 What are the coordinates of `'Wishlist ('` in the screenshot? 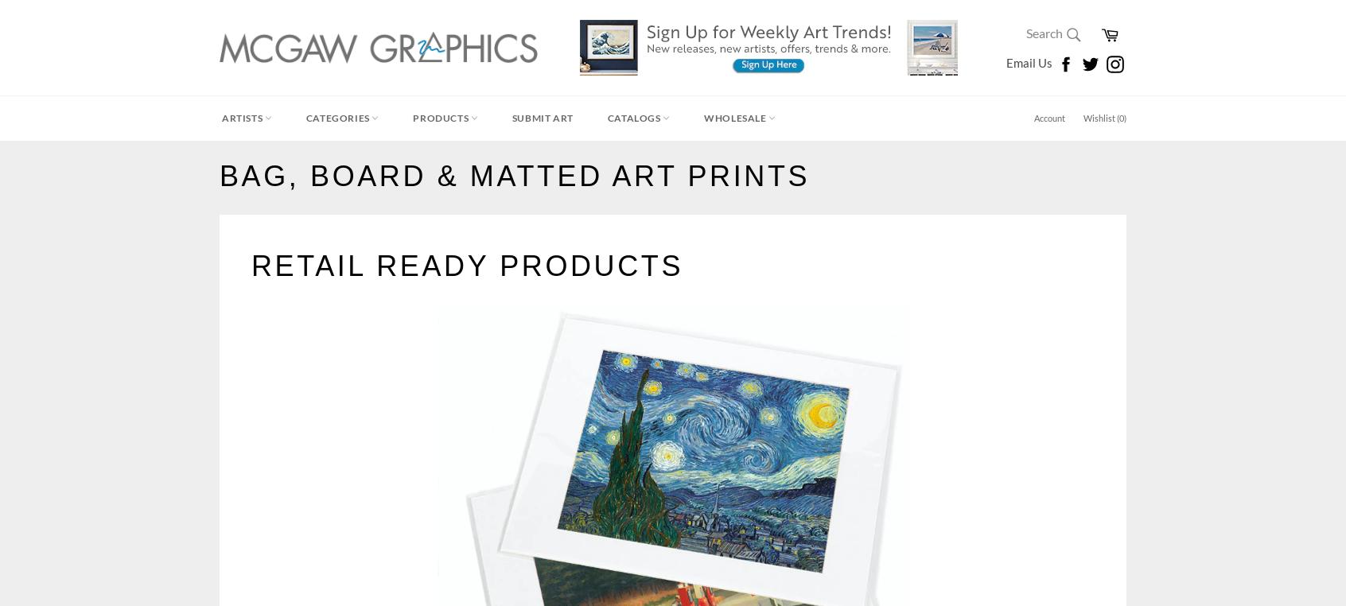 It's located at (1101, 117).